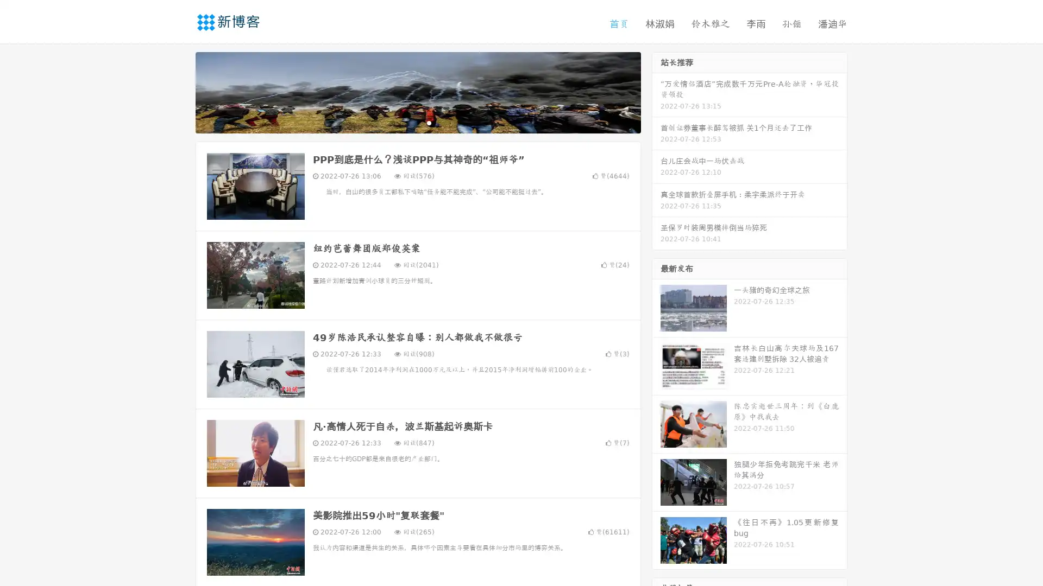 The width and height of the screenshot is (1043, 586). I want to click on Previous slide, so click(179, 91).